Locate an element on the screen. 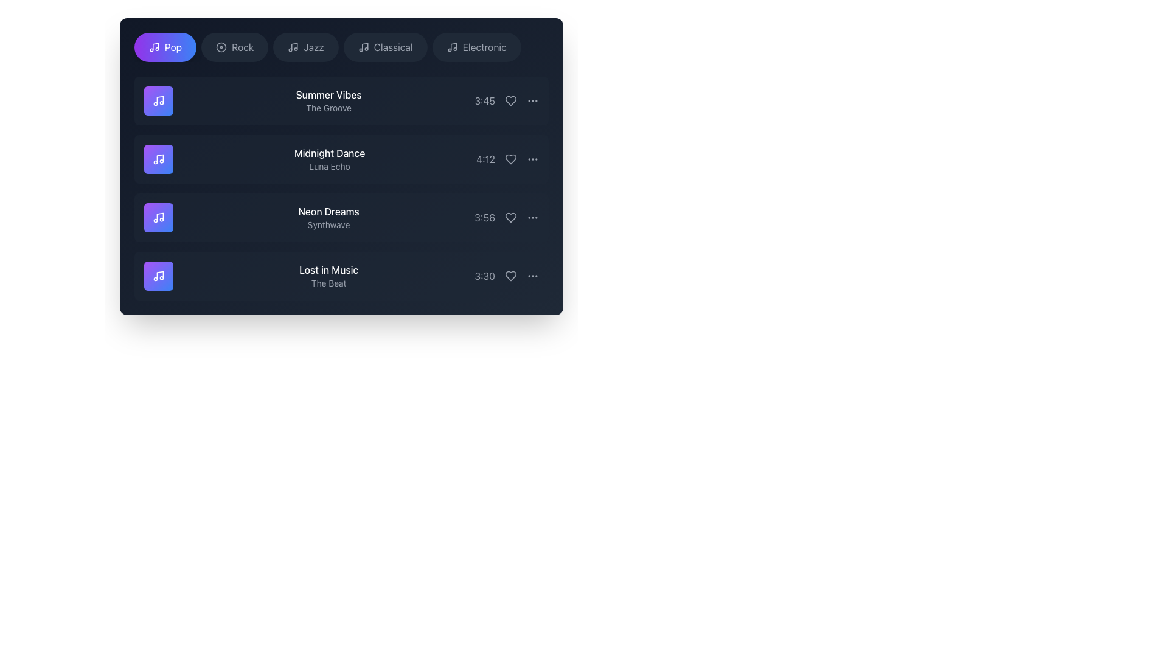  the Tab bar is located at coordinates (341, 46).